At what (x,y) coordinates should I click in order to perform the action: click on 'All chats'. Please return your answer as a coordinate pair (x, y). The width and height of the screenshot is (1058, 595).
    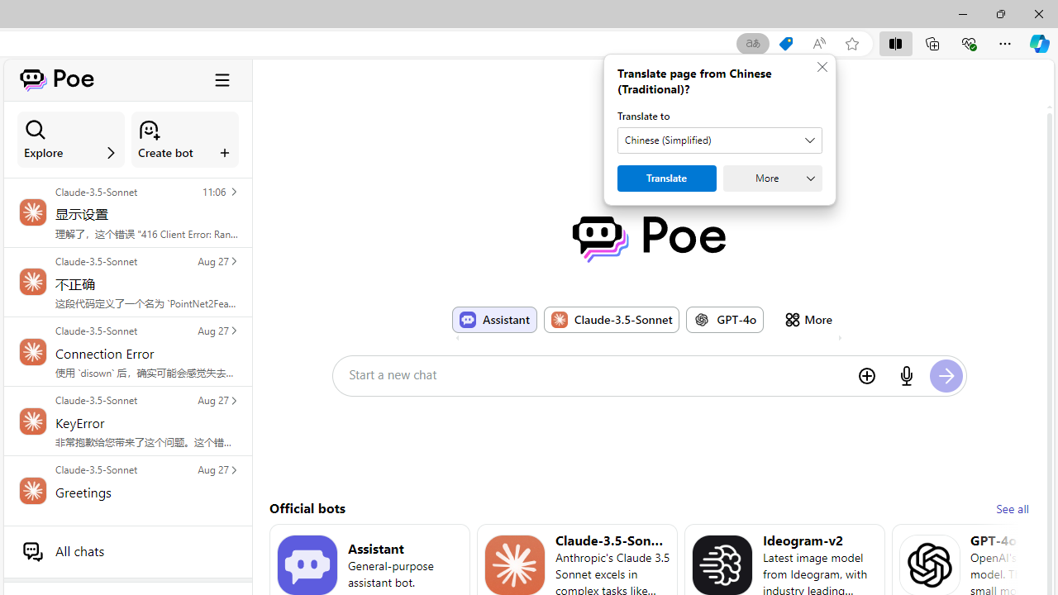
    Looking at the image, I should click on (126, 551).